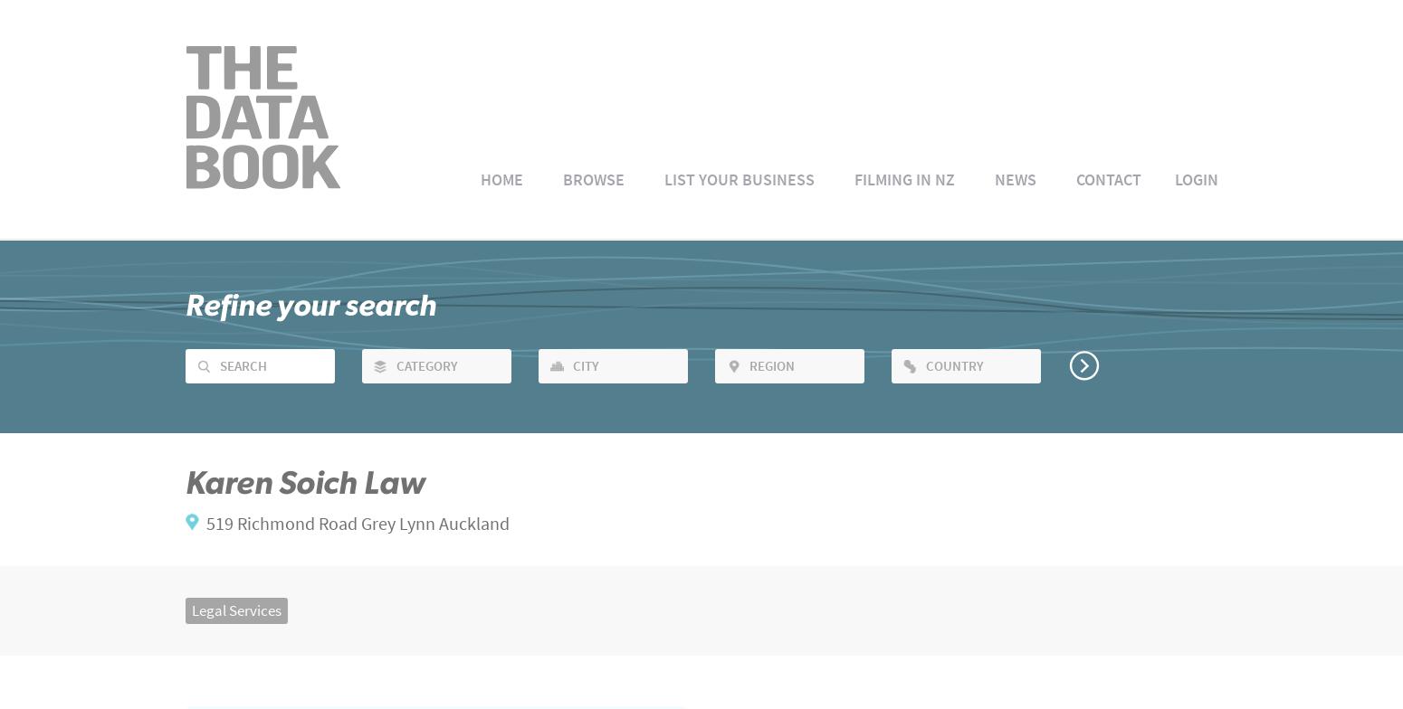  Describe the element at coordinates (993, 178) in the screenshot. I see `'News'` at that location.